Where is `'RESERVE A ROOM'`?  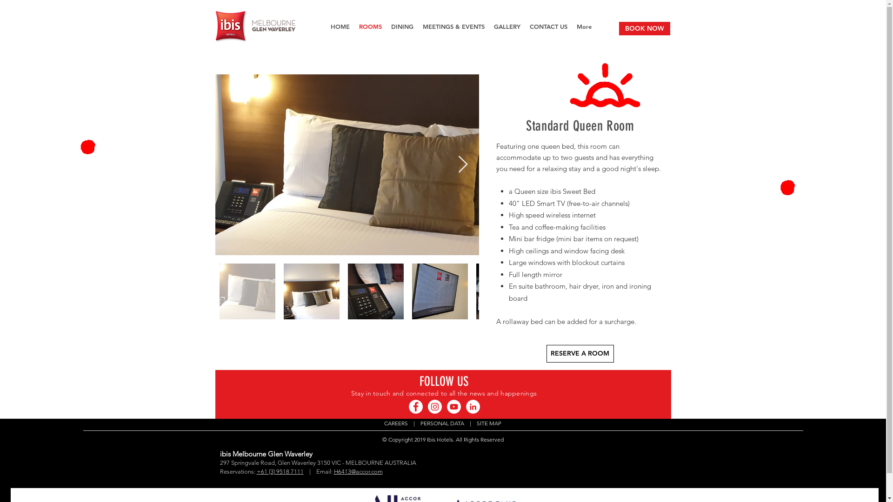 'RESERVE A ROOM' is located at coordinates (579, 353).